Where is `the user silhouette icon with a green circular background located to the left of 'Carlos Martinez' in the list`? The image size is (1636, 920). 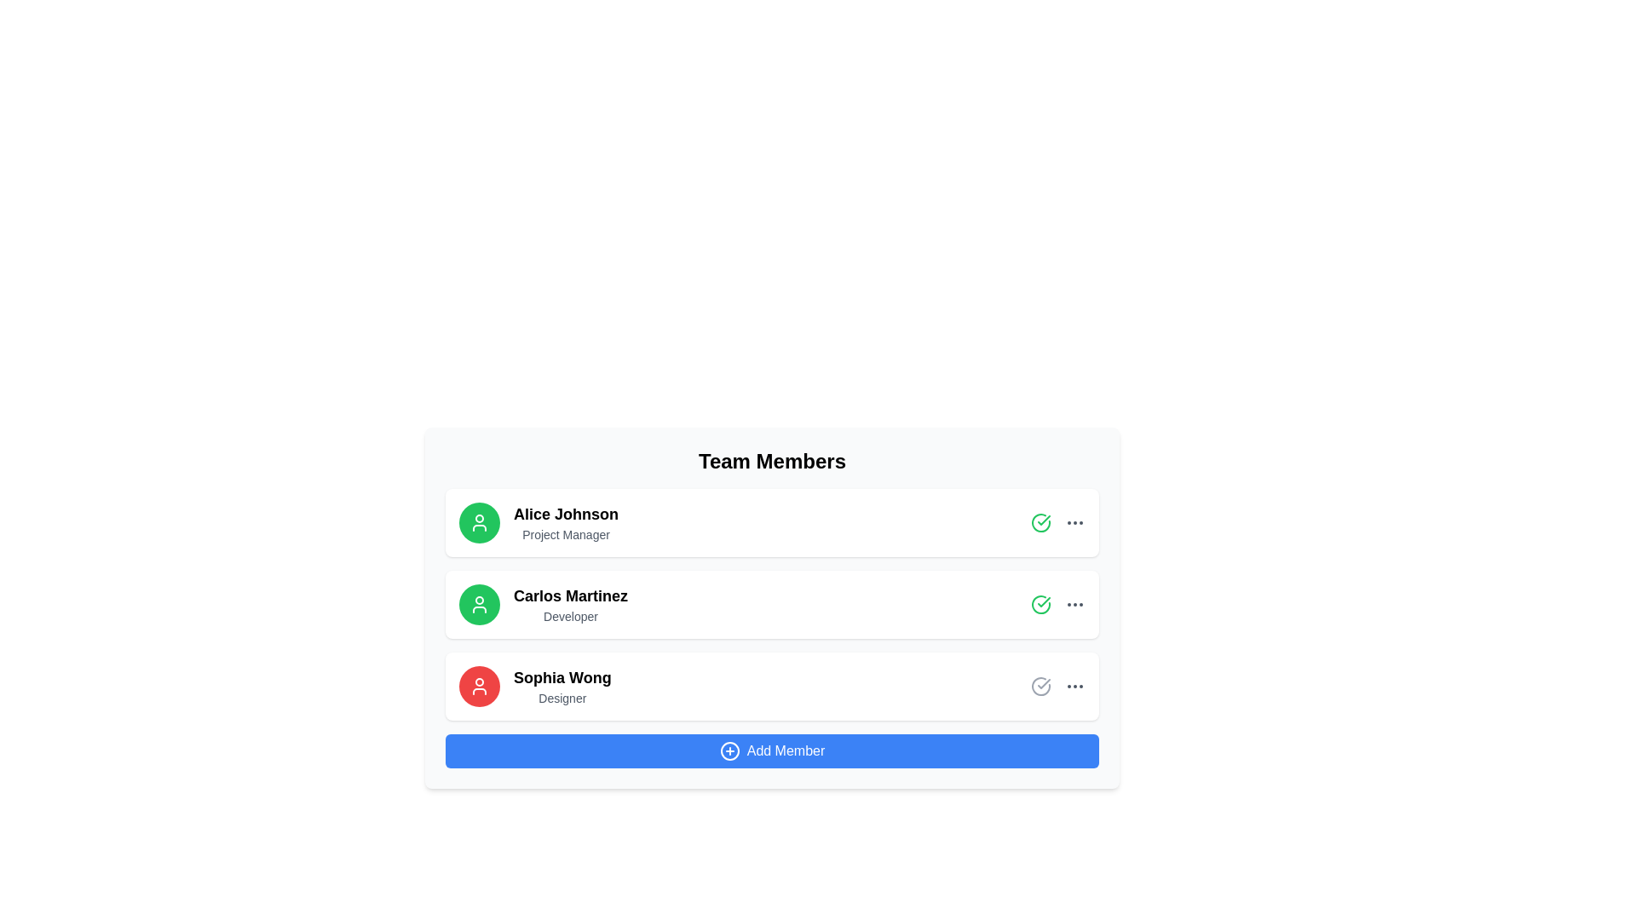 the user silhouette icon with a green circular background located to the left of 'Carlos Martinez' in the list is located at coordinates (478, 521).